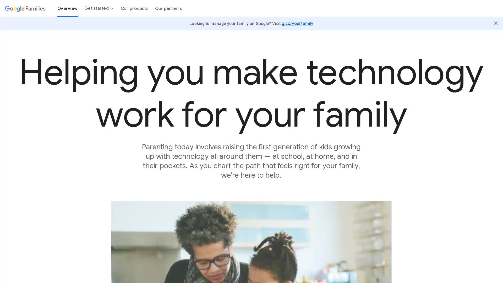 The image size is (503, 283). What do you see at coordinates (495, 23) in the screenshot?
I see `Close Butter Bar` at bounding box center [495, 23].